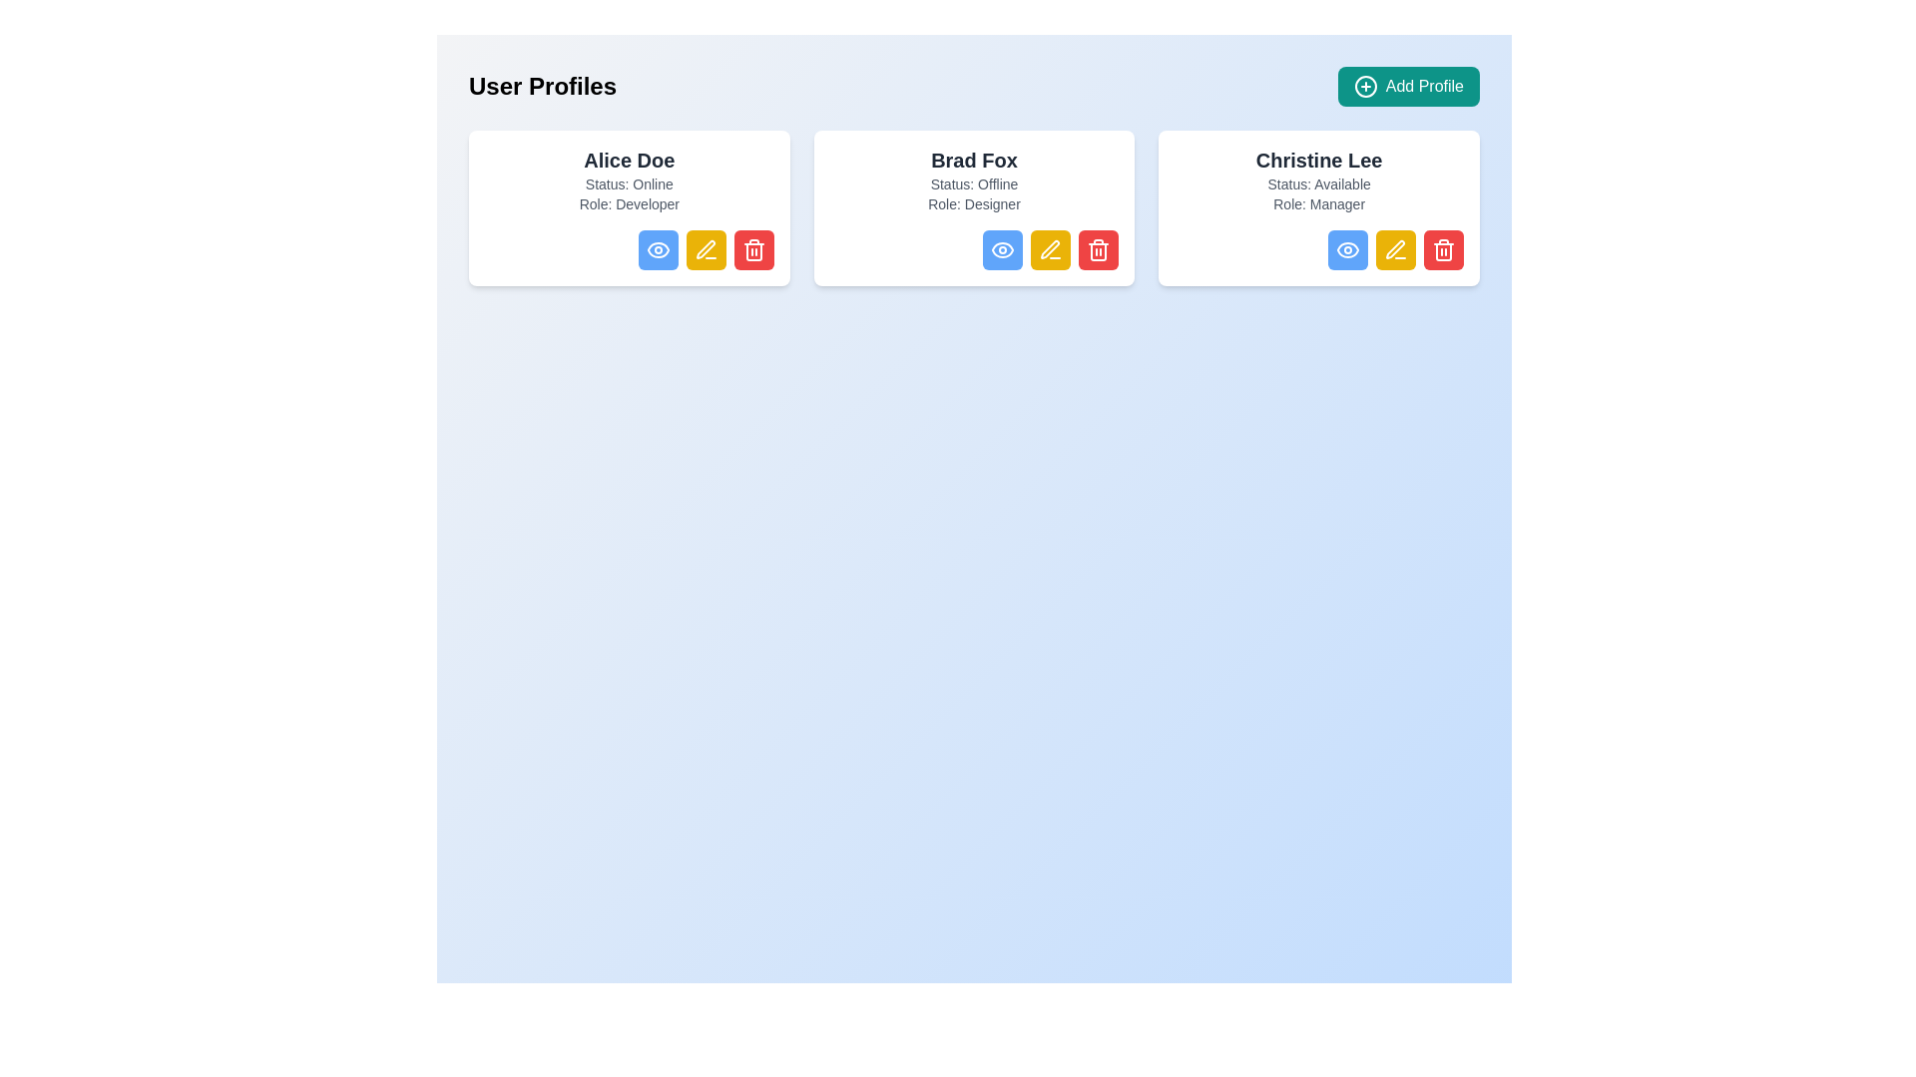 This screenshot has height=1077, width=1916. I want to click on text content of the text label displaying the role 'Designer' associated with the user 'Brad Fox', which is located in the profile card below 'Status: Offline', so click(974, 203).